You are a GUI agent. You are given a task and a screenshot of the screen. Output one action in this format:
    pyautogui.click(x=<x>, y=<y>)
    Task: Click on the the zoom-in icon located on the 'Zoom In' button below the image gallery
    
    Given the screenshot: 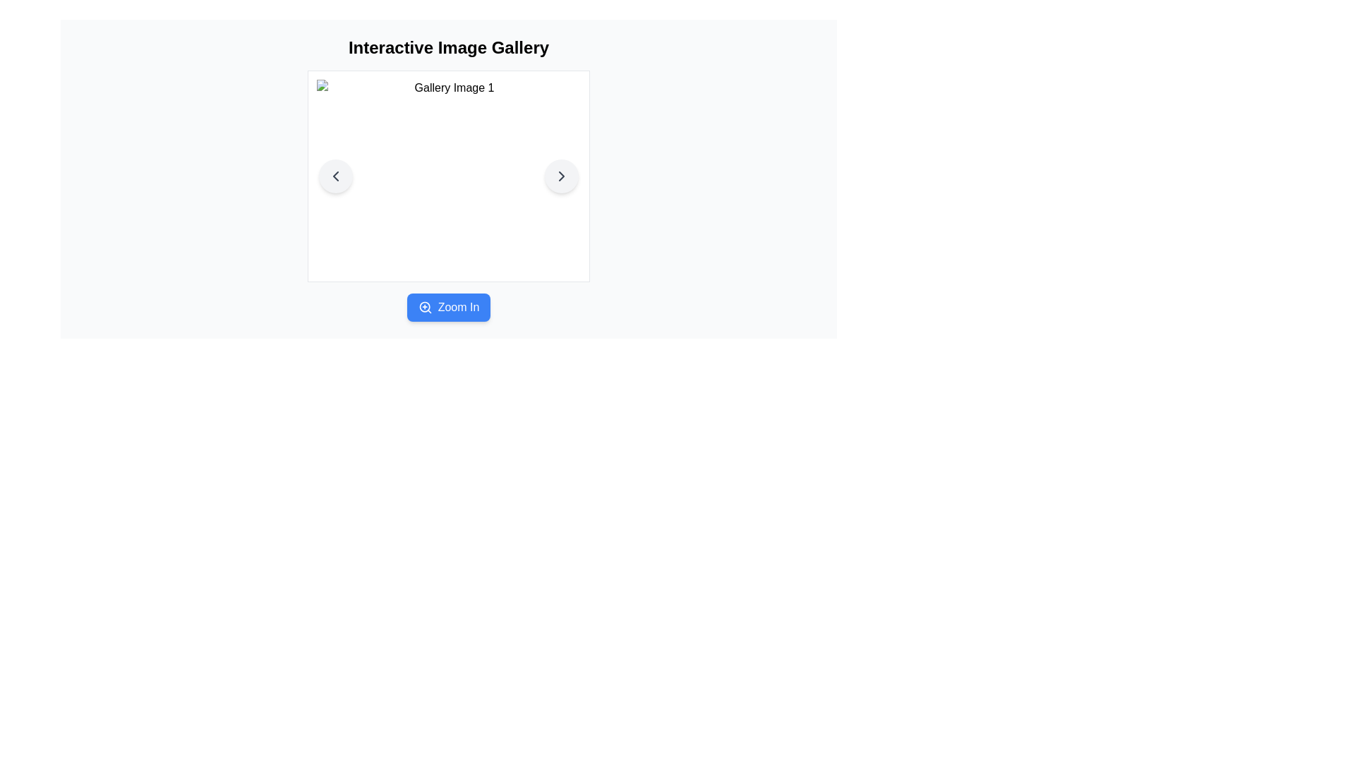 What is the action you would take?
    pyautogui.click(x=423, y=306)
    